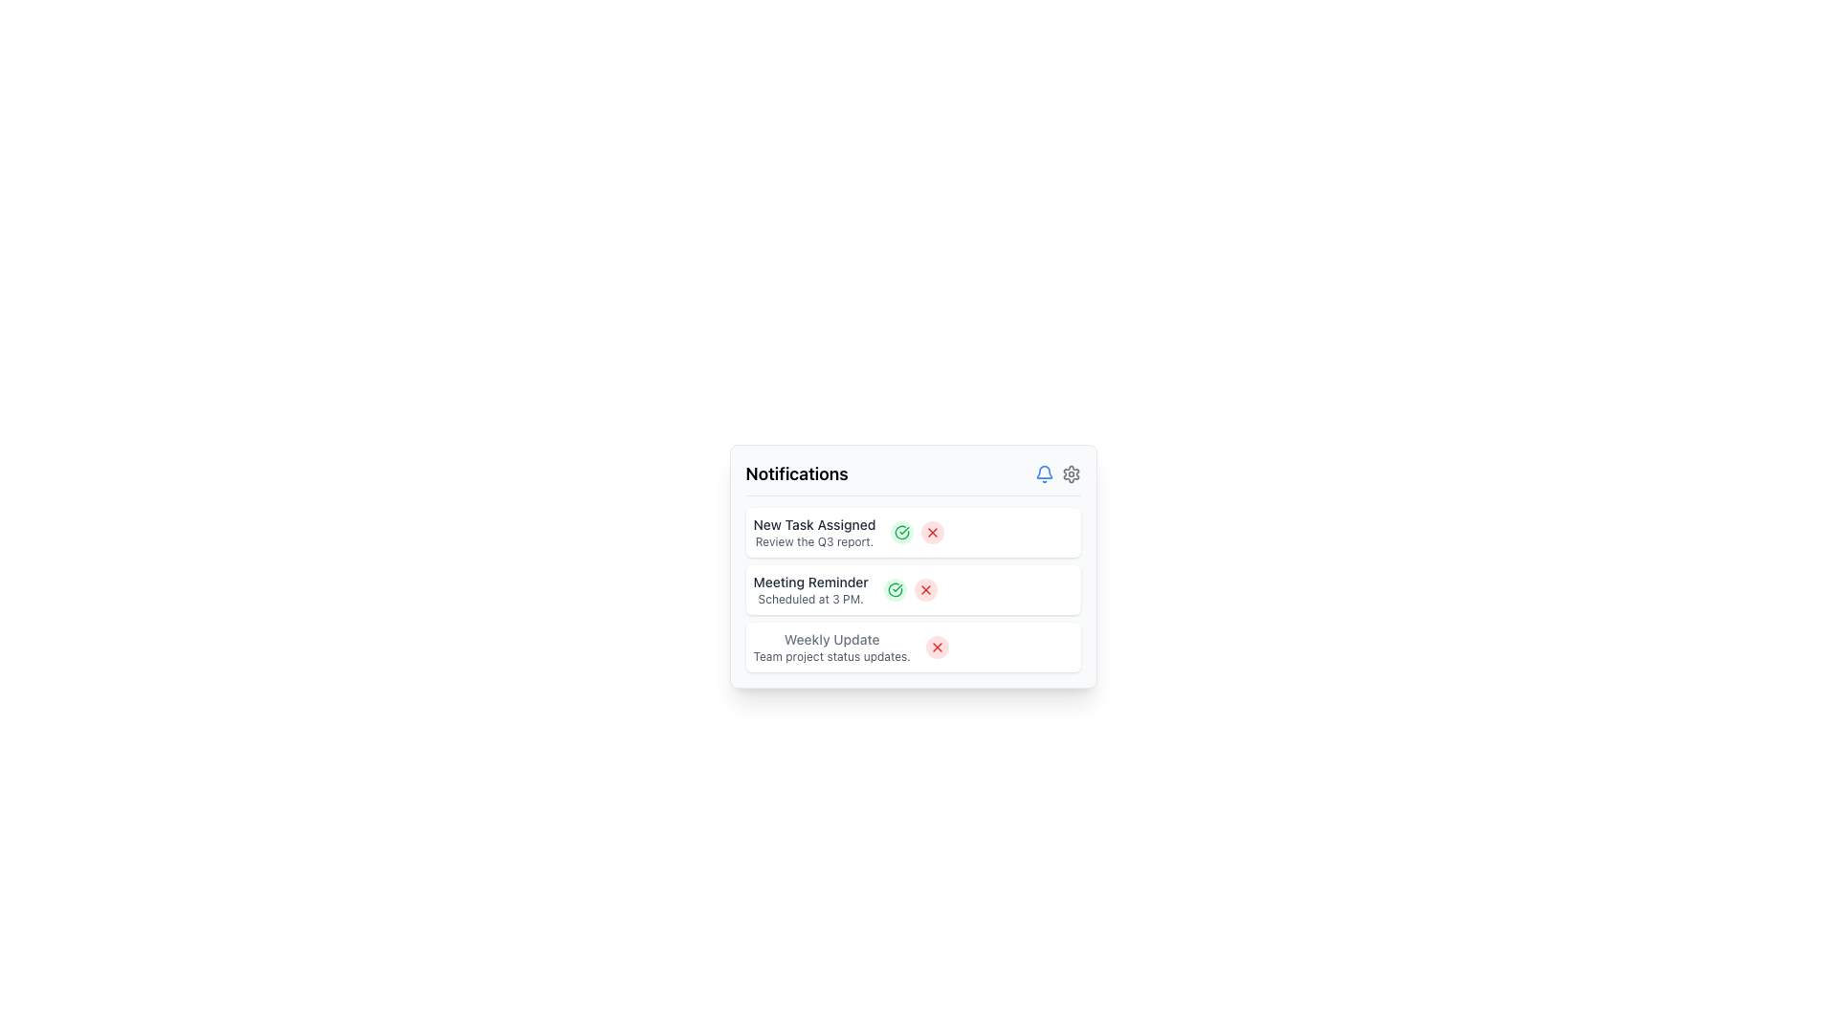  Describe the element at coordinates (1070, 473) in the screenshot. I see `the settings icon button located at the top-right corner of the notification panel` at that location.